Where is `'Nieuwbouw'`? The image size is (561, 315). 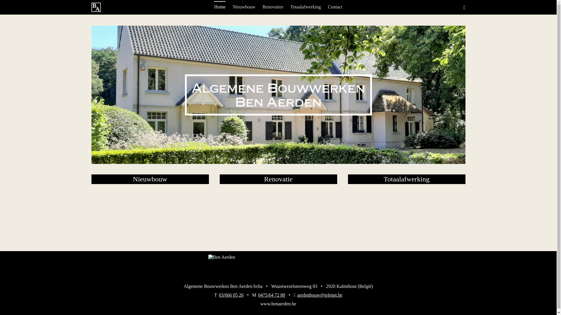 'Nieuwbouw' is located at coordinates (244, 7).